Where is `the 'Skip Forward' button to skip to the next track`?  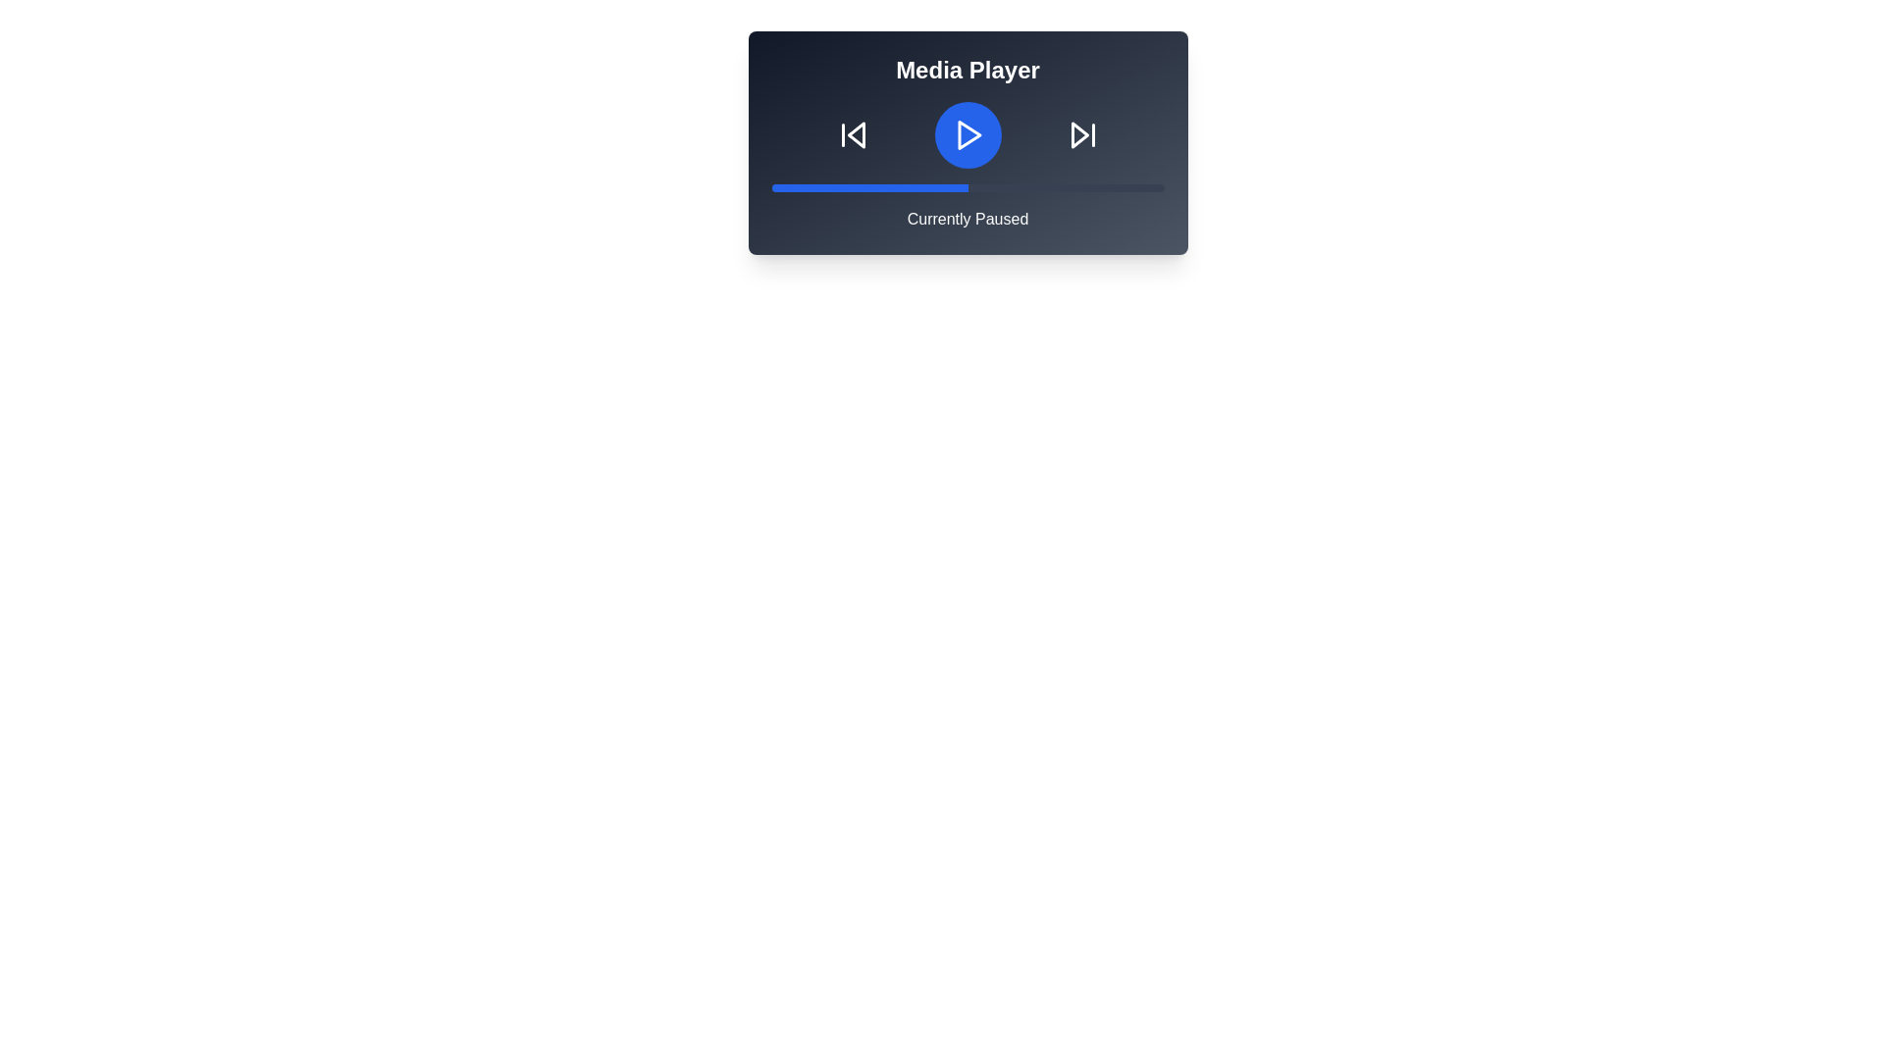 the 'Skip Forward' button to skip to the next track is located at coordinates (1081, 134).